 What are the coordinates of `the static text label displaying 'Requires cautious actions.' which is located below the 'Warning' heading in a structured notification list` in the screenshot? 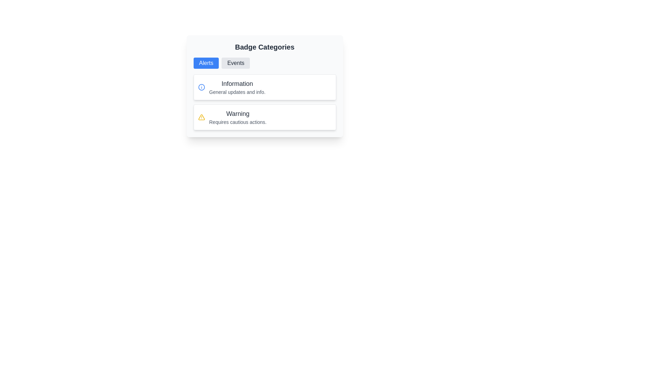 It's located at (238, 122).